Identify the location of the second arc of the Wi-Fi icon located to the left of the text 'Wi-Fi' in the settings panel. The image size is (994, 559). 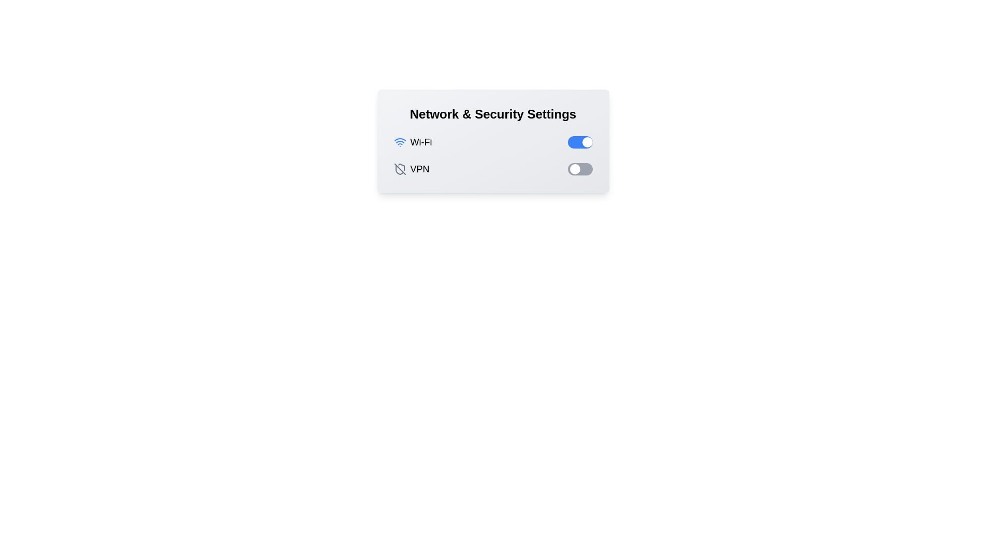
(399, 139).